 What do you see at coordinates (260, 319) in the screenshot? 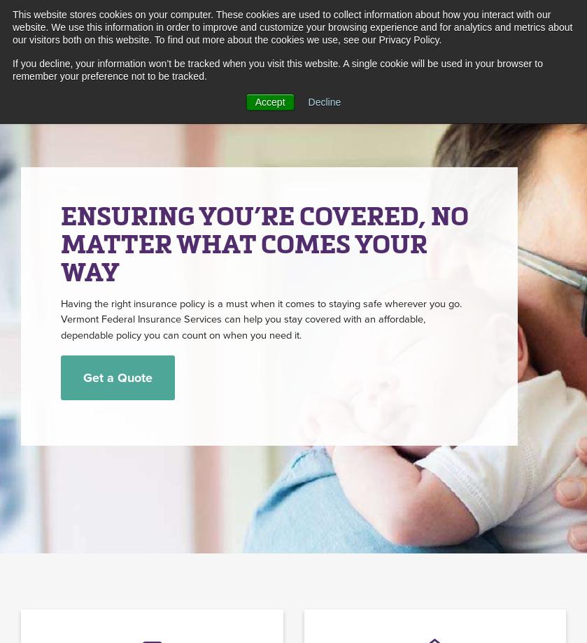
I see `'Having the right insurance policy is a must when it comes to staying safe wherever you go. Vermont Federal Insurance Services can help you stay covered with an affordable, dependable policy you can count on when you need it.'` at bounding box center [260, 319].